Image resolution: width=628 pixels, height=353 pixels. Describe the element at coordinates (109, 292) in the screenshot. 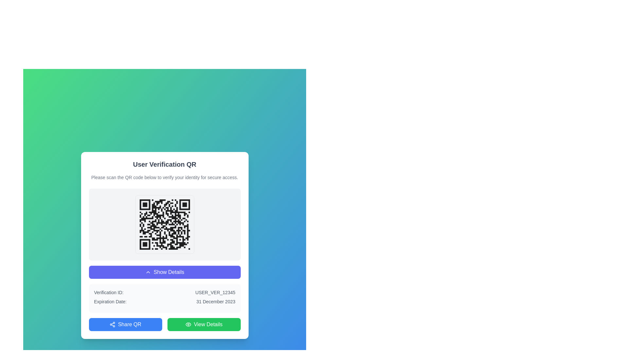

I see `text label that describes the user identifier 'USER_VER_12345', located in the lower section of the modal interface, to the left of the identifier` at that location.